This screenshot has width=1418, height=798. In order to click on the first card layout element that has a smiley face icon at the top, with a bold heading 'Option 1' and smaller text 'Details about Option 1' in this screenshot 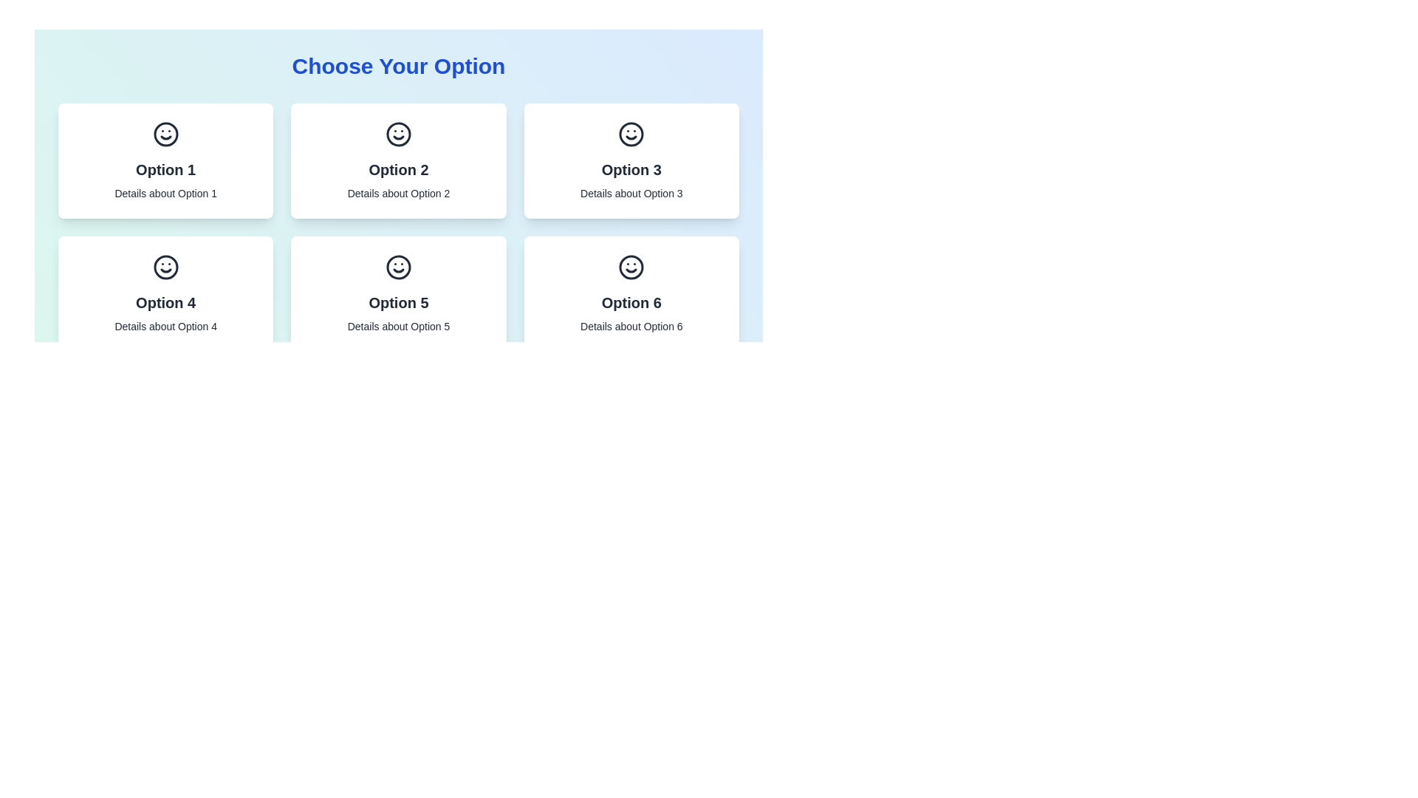, I will do `click(165, 161)`.